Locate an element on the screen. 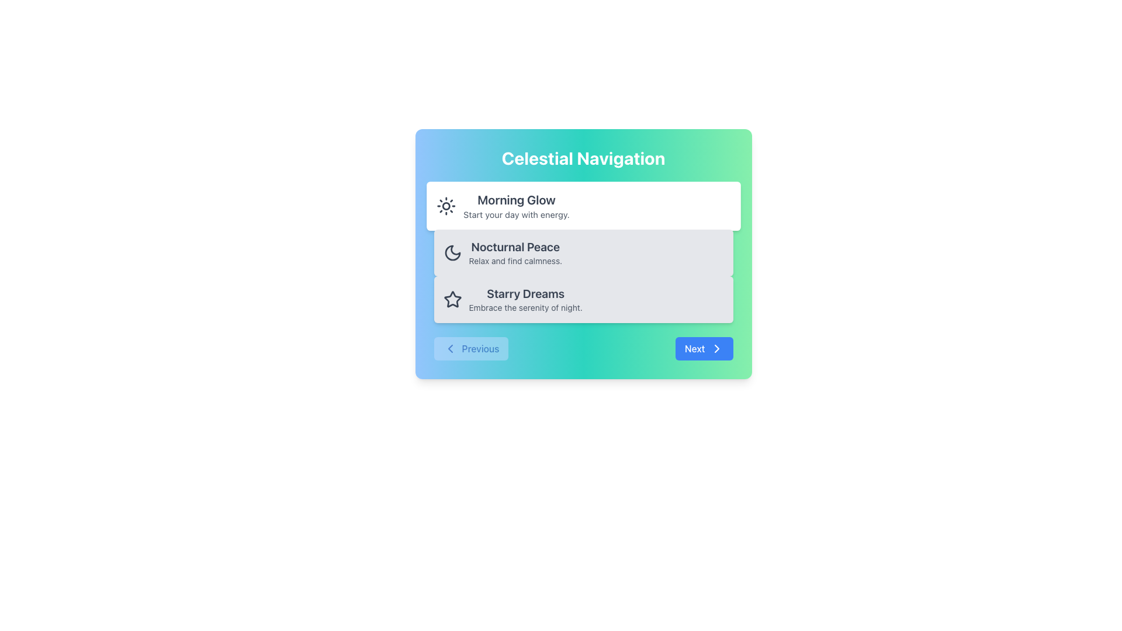 Image resolution: width=1122 pixels, height=631 pixels. the chevron icon located to the right of the 'Next' button in the bottom-right corner of the 'Celestial Navigation' modal is located at coordinates (716, 348).